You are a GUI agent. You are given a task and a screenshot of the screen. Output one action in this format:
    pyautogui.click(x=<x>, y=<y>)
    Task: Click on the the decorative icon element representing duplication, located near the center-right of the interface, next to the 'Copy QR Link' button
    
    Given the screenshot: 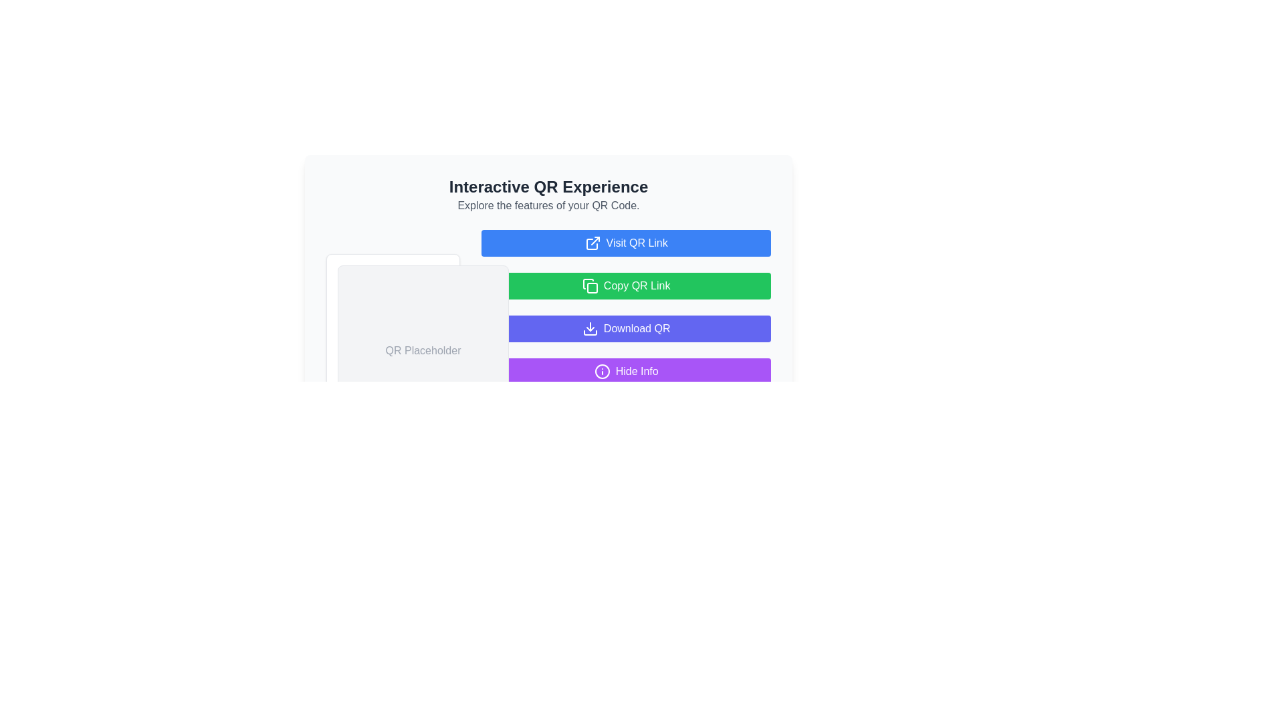 What is the action you would take?
    pyautogui.click(x=591, y=287)
    